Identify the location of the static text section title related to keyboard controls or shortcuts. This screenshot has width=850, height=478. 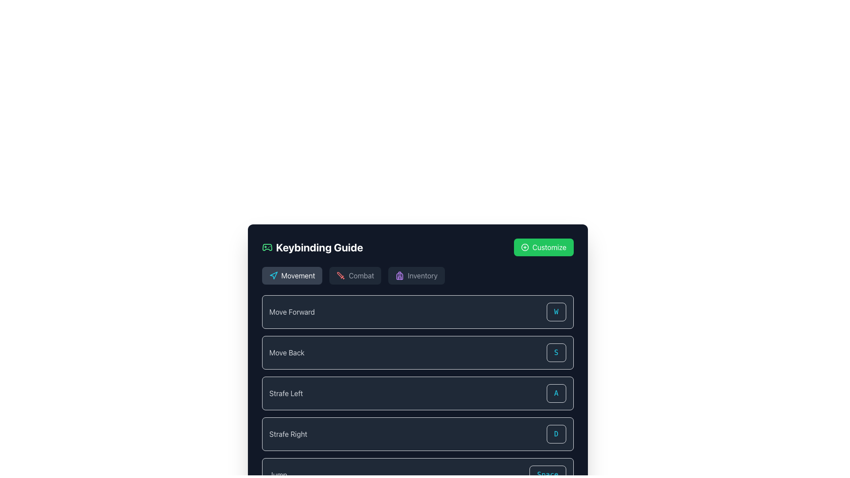
(312, 247).